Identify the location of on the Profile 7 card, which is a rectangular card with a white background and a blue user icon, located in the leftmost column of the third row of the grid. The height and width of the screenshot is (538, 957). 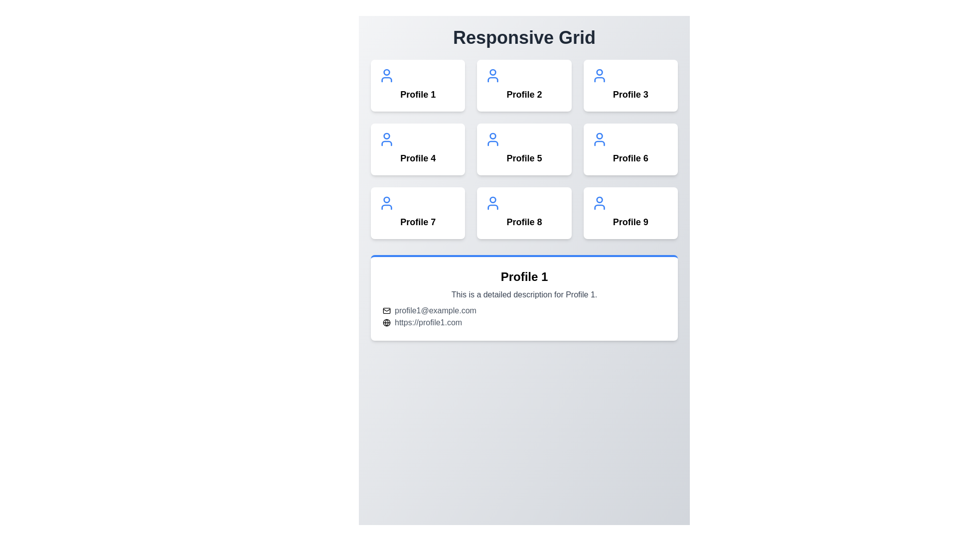
(418, 213).